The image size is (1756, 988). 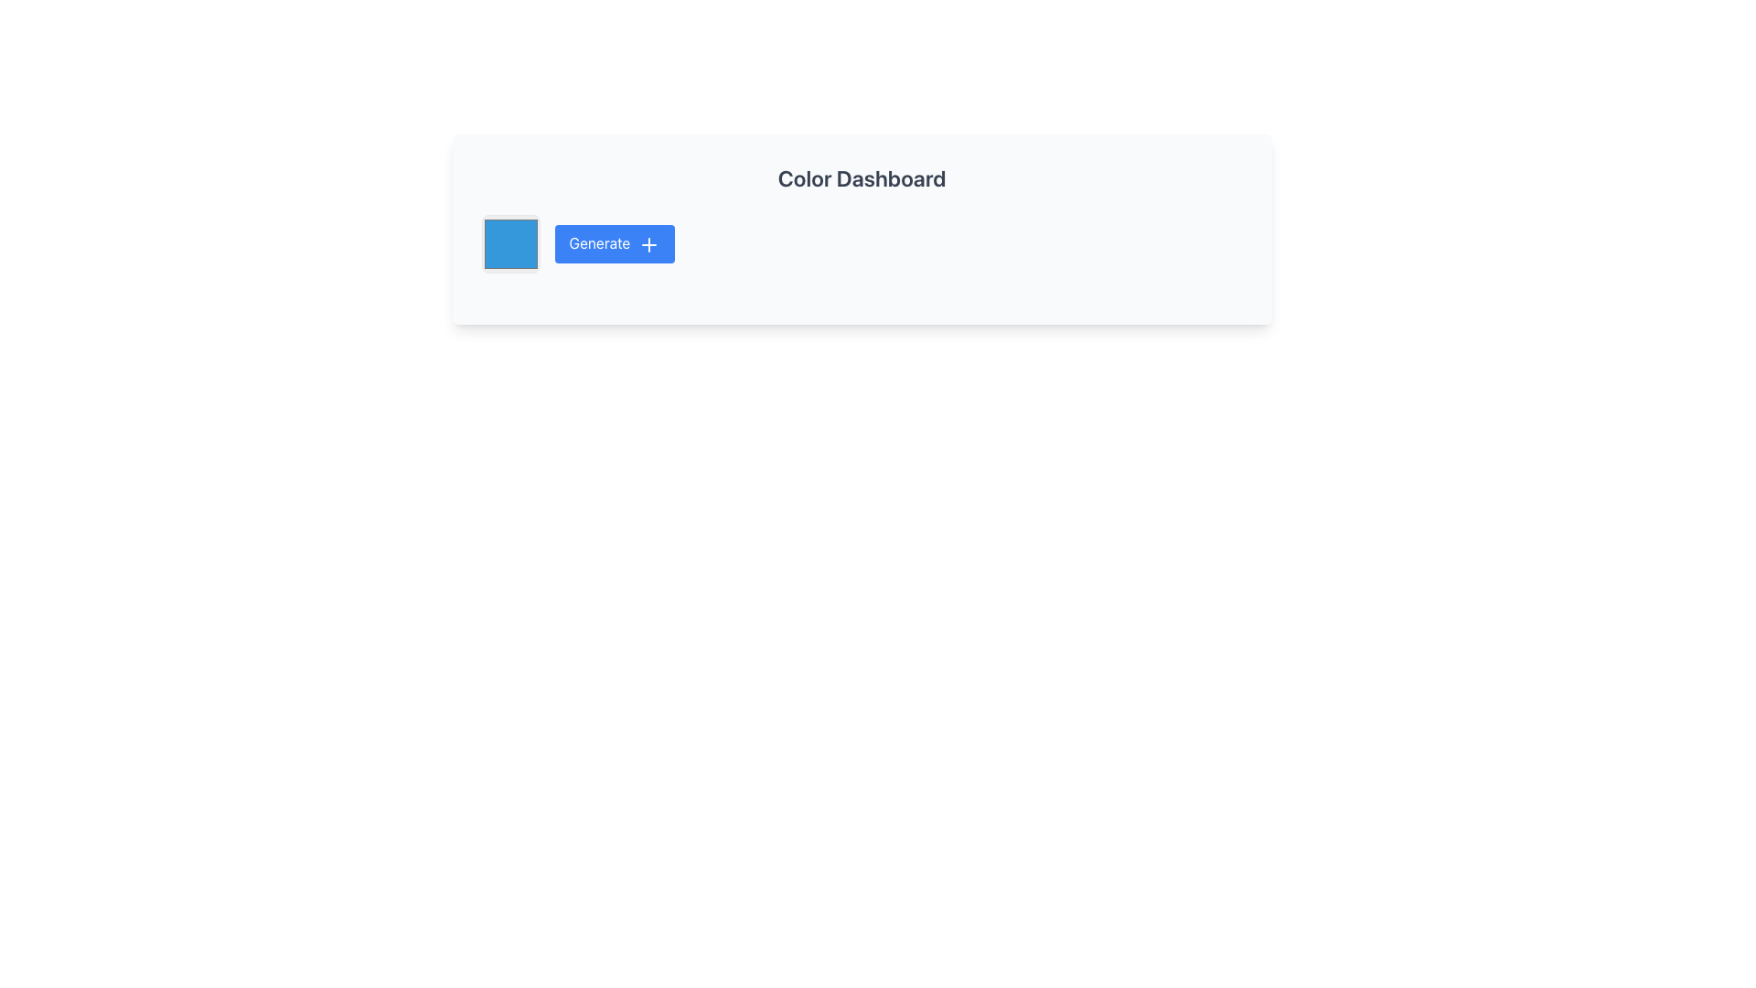 What do you see at coordinates (648, 243) in the screenshot?
I see `the blue plus icon located to the right of the 'Generate' text within the 'Generate' button` at bounding box center [648, 243].